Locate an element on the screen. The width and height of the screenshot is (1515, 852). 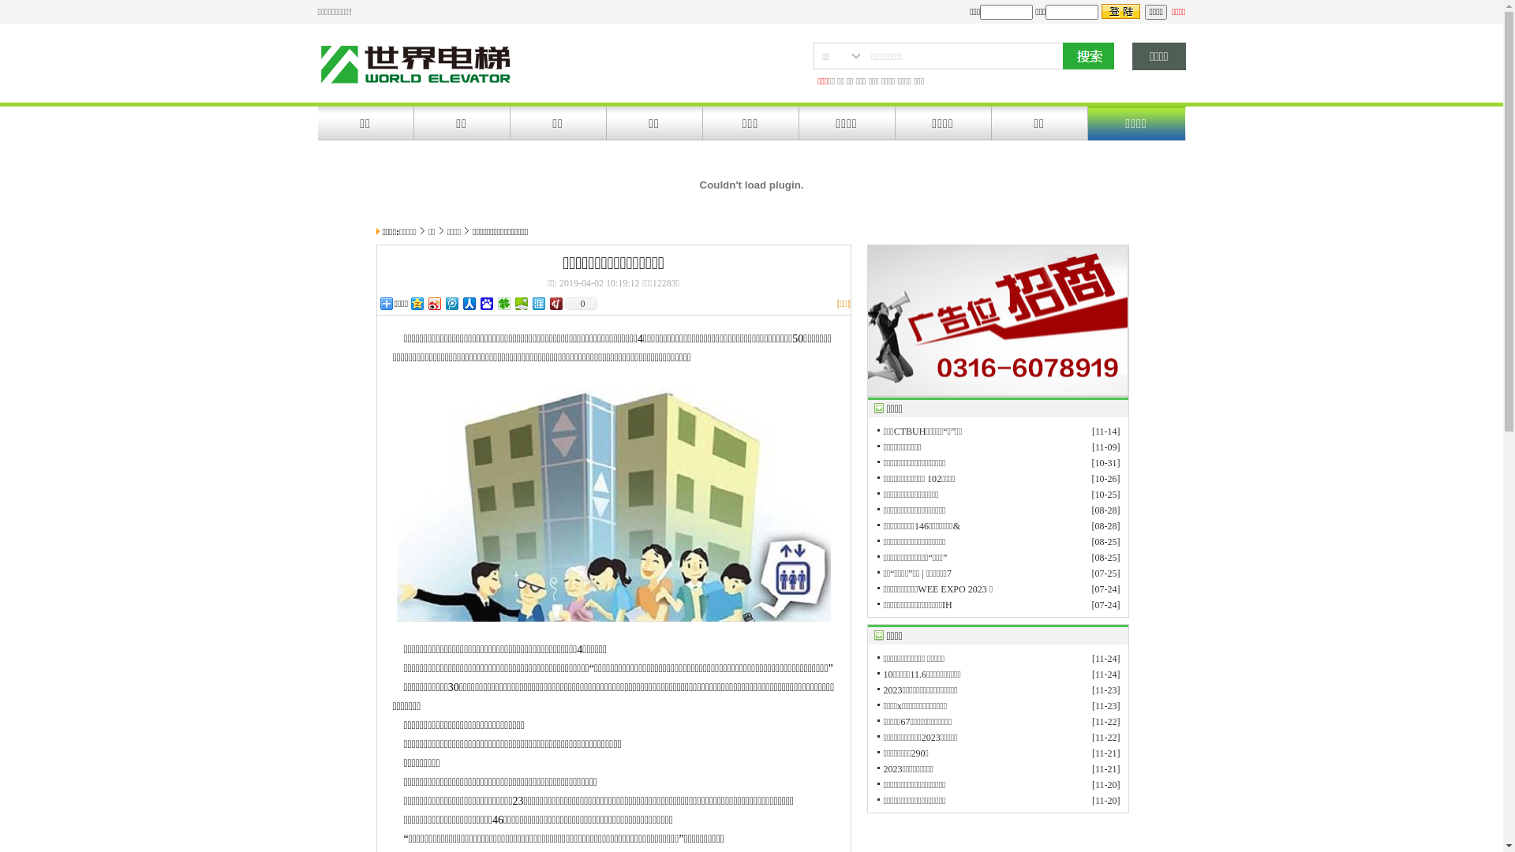
'0' is located at coordinates (579, 304).